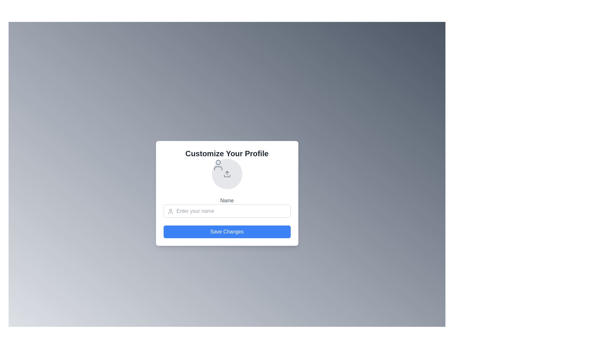 This screenshot has width=610, height=343. I want to click on the SVG icon resembling a user silhouette, located to the left of the 'Enter your name' text input field, so click(170, 212).